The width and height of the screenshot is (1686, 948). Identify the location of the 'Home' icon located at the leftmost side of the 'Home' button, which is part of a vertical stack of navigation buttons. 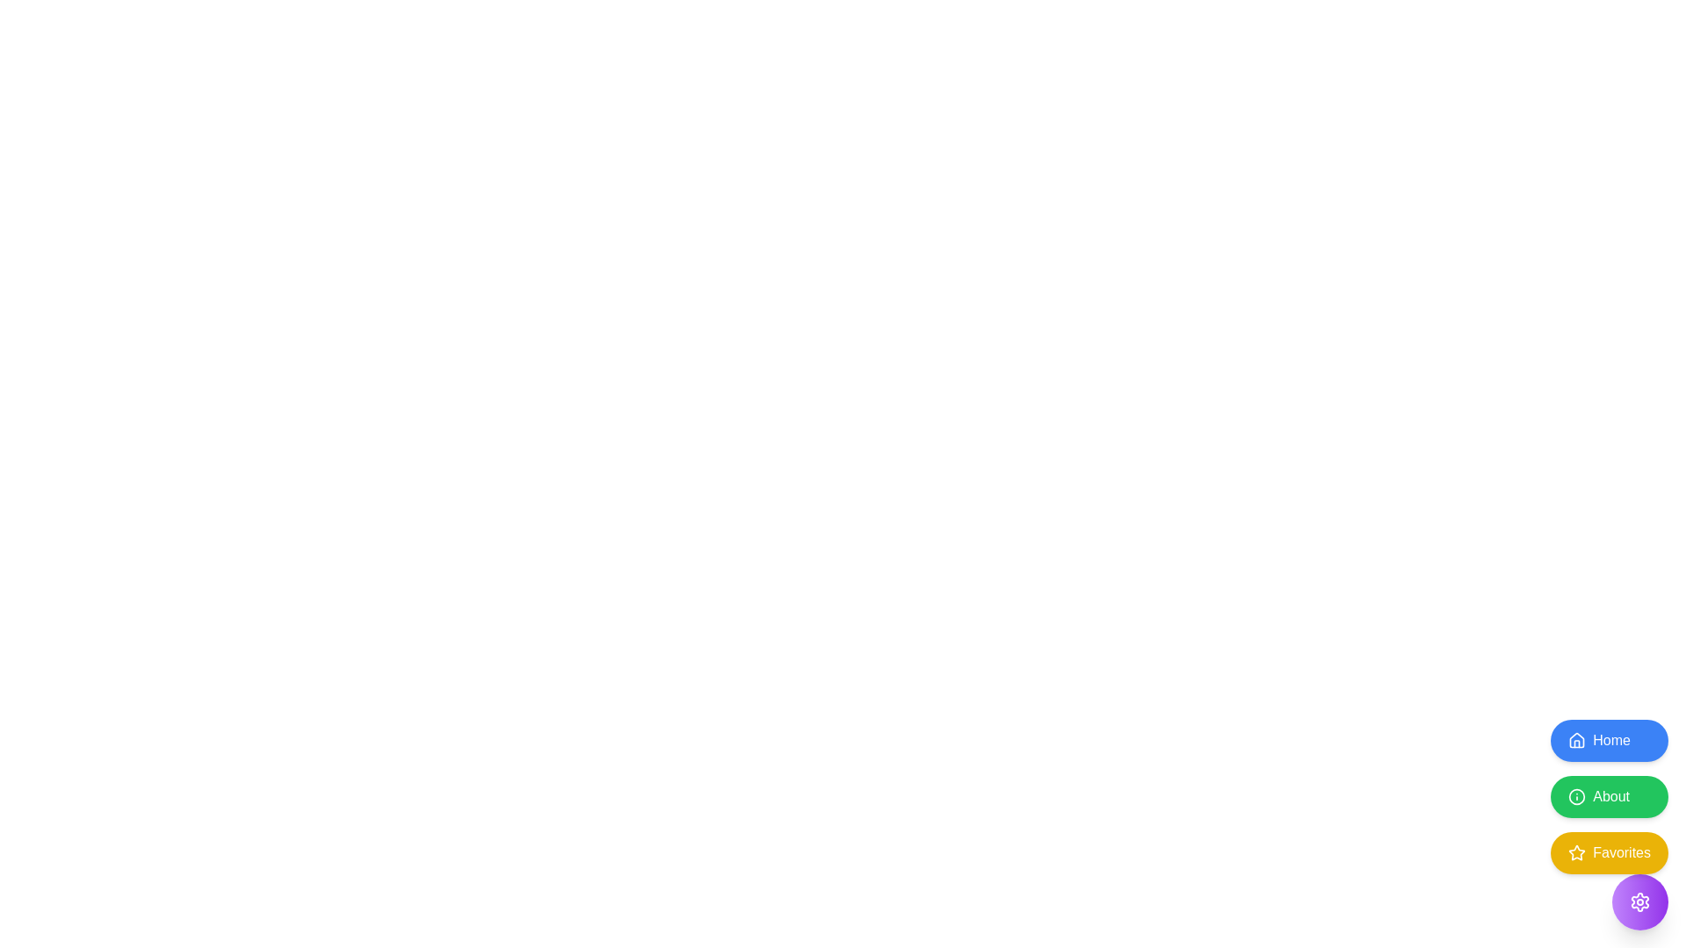
(1577, 741).